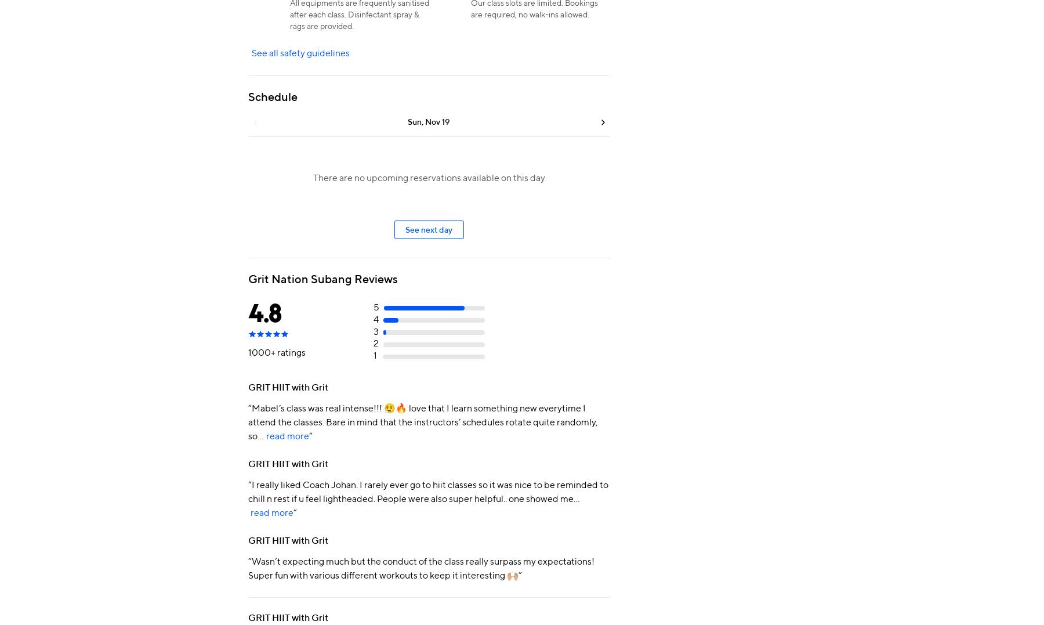 The width and height of the screenshot is (1044, 625). What do you see at coordinates (428, 492) in the screenshot?
I see `'I really liked Coach Johan. I rarely ever go to hiit classes so it was nice to be reminded to chill n rest if u feel lightheaded. People were also super helpful.. one showed me…'` at bounding box center [428, 492].